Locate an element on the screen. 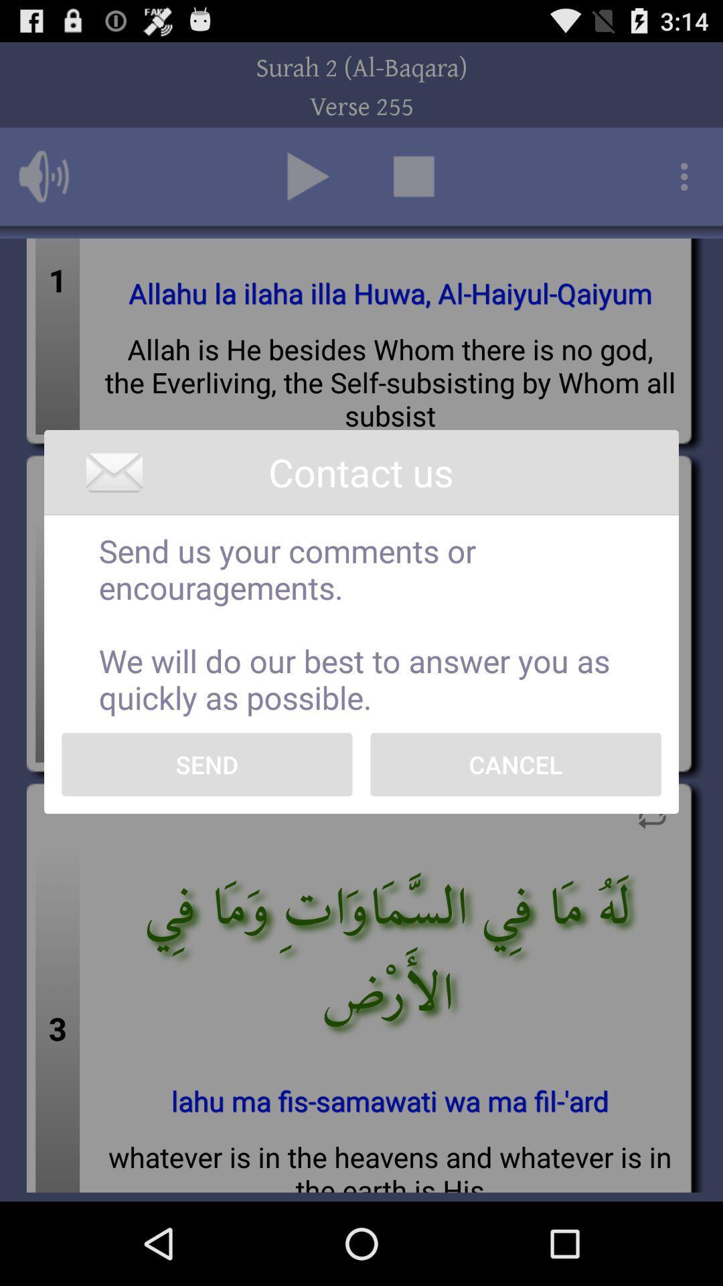 This screenshot has width=723, height=1286. the send us your item is located at coordinates (361, 623).